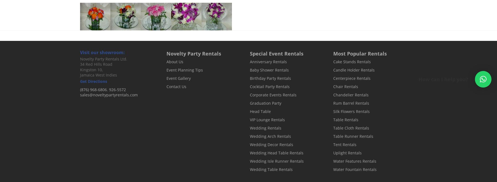  I want to click on '(876) 968-6806', so click(80, 89).